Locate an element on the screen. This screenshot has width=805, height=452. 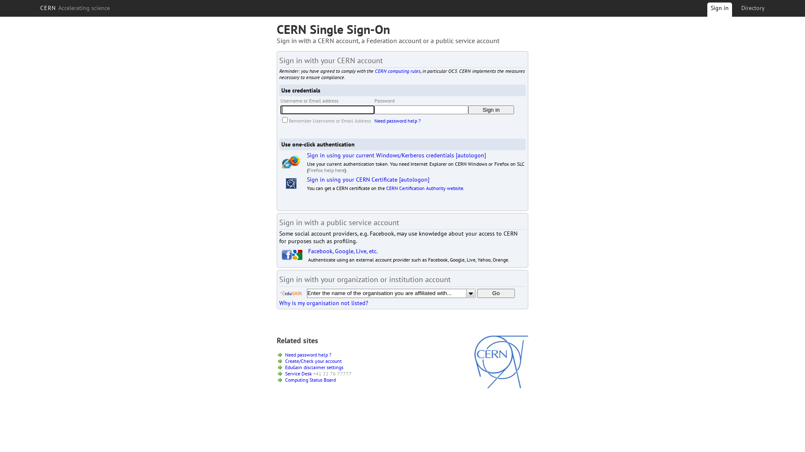
'Need password help ?' is located at coordinates (307, 354).